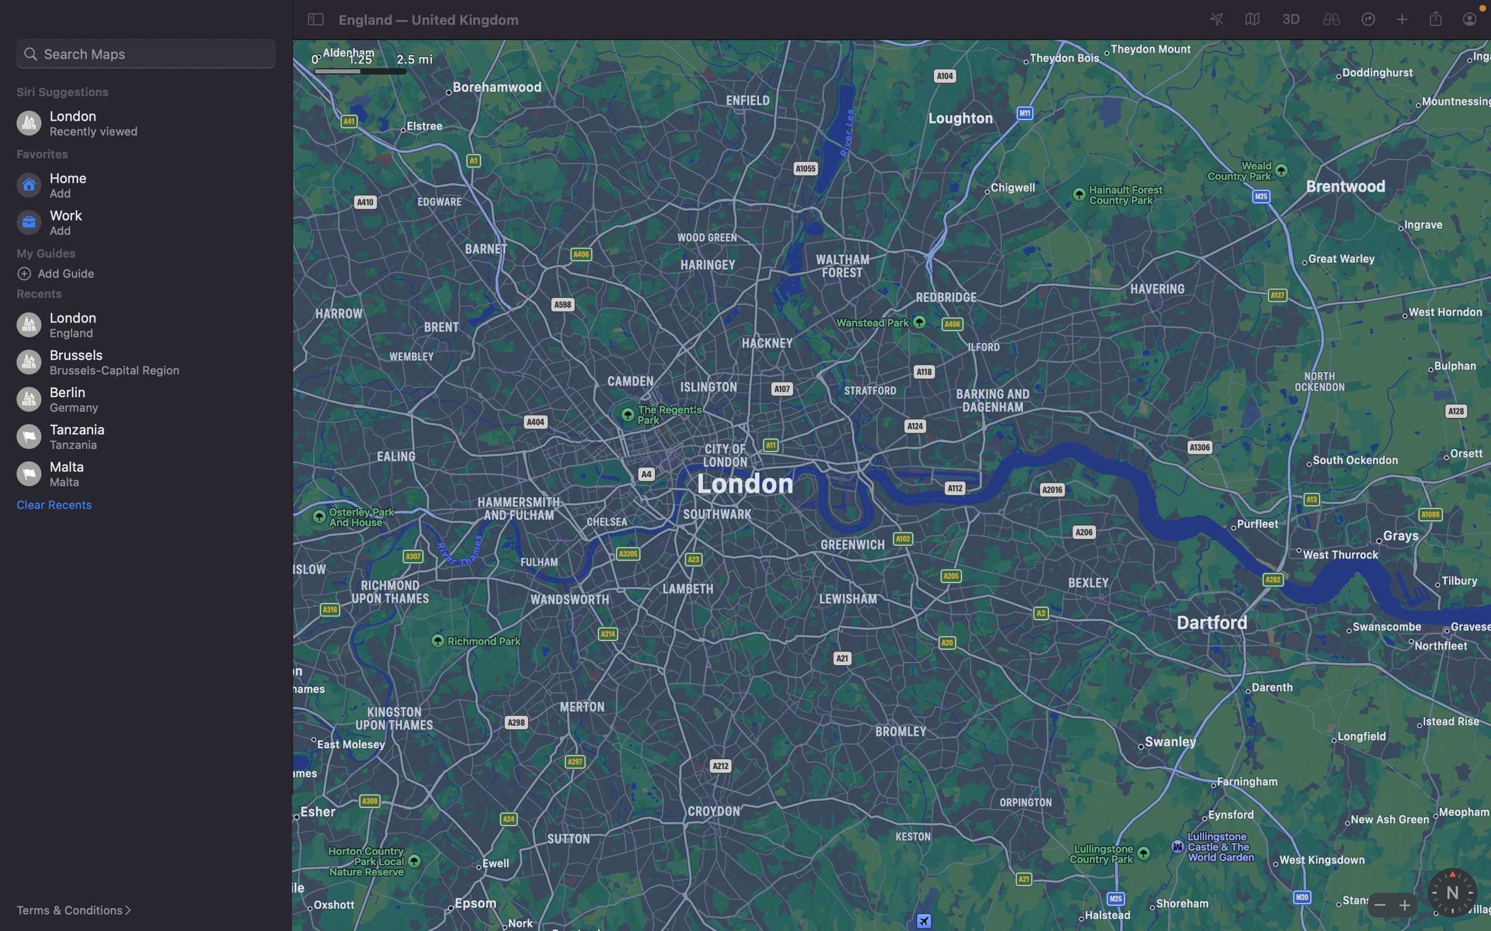 The width and height of the screenshot is (1491, 931). What do you see at coordinates (150, 273) in the screenshot?
I see `a new guide for touring` at bounding box center [150, 273].